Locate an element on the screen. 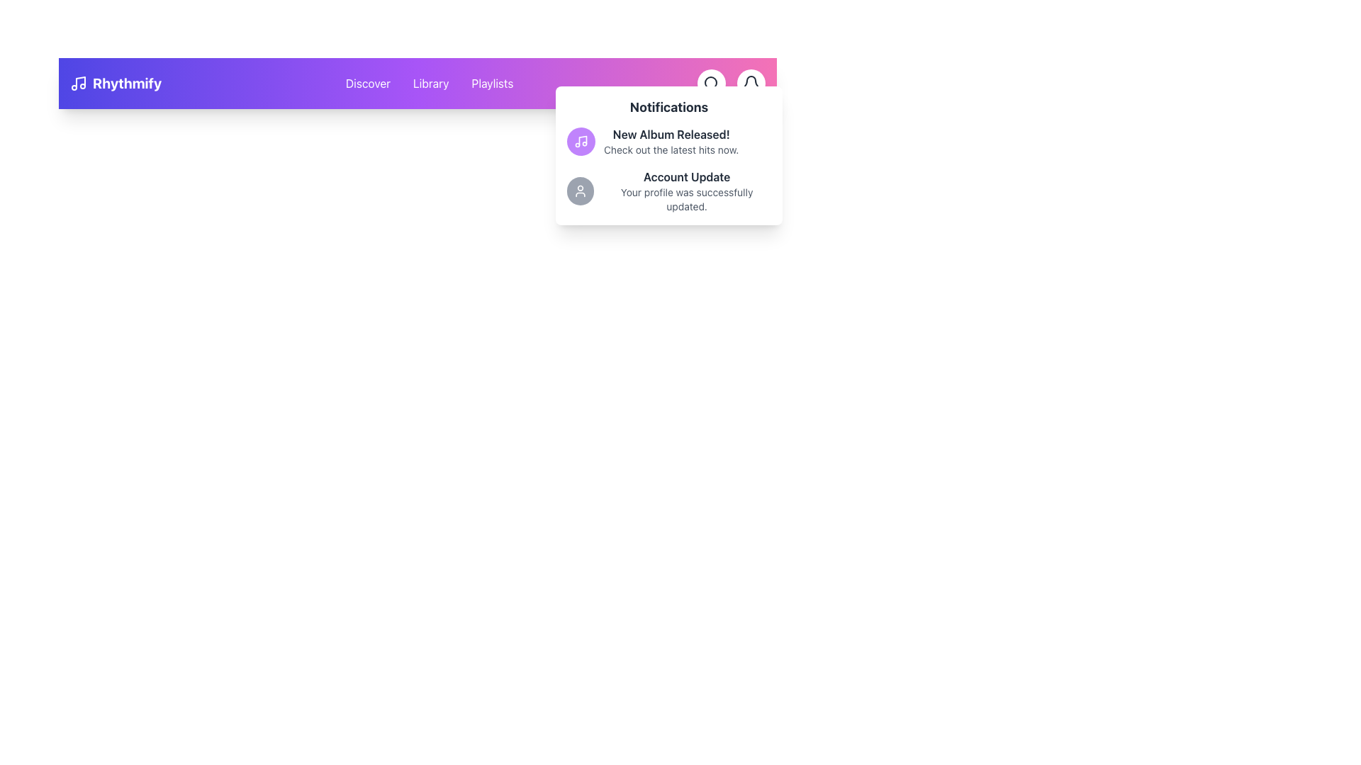 This screenshot has width=1361, height=765. the 'Discover' text link, which is the first element in the navigation menu and is styled with a hover effect is located at coordinates (368, 84).